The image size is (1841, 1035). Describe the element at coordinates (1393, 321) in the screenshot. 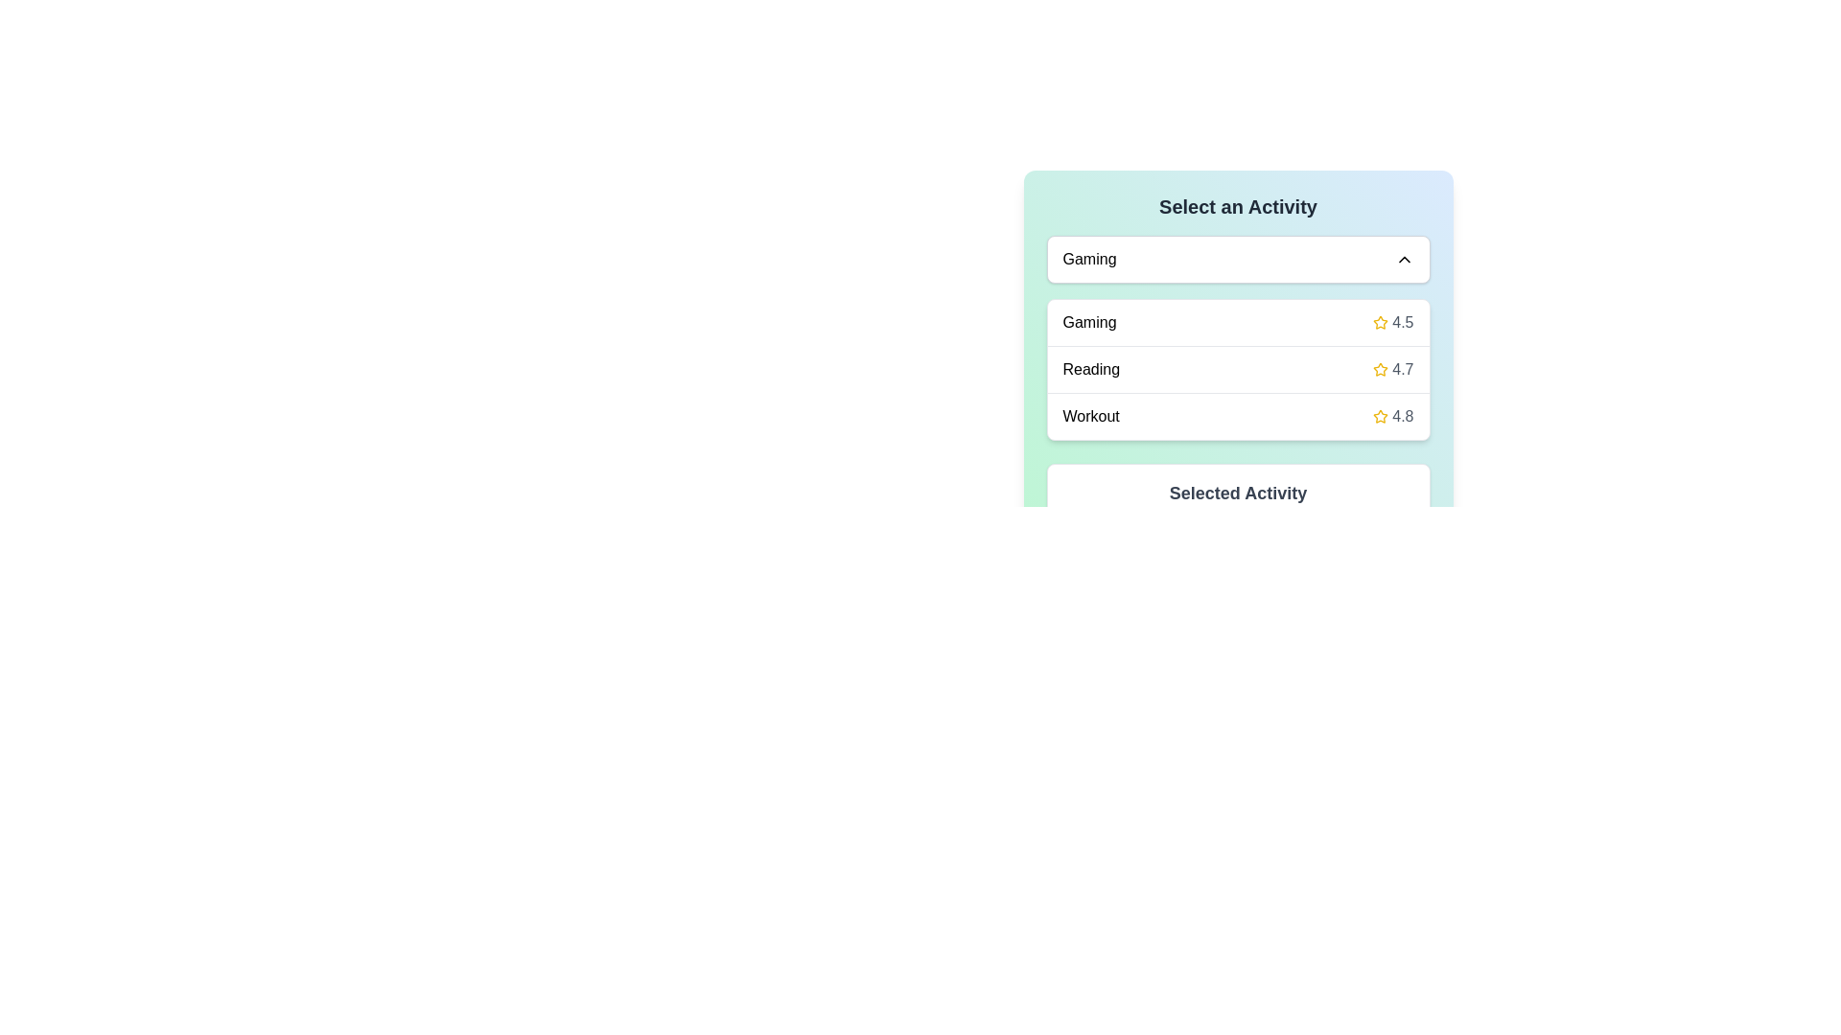

I see `the Rating display element associated with the 'Gaming' entry in the dropdown menu, located to the right of the 'Gaming' label` at that location.